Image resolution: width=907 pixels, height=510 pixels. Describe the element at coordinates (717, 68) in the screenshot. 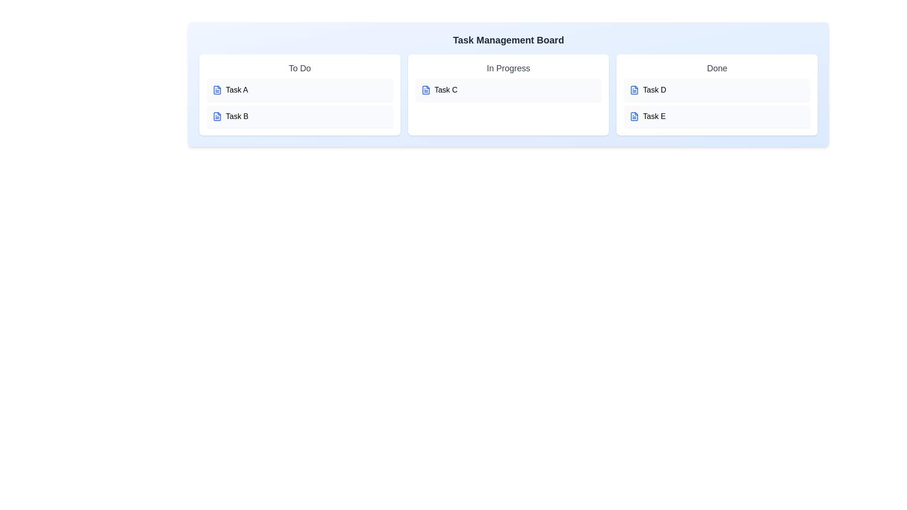

I see `the header of the task list 'Done' to edit the title` at that location.